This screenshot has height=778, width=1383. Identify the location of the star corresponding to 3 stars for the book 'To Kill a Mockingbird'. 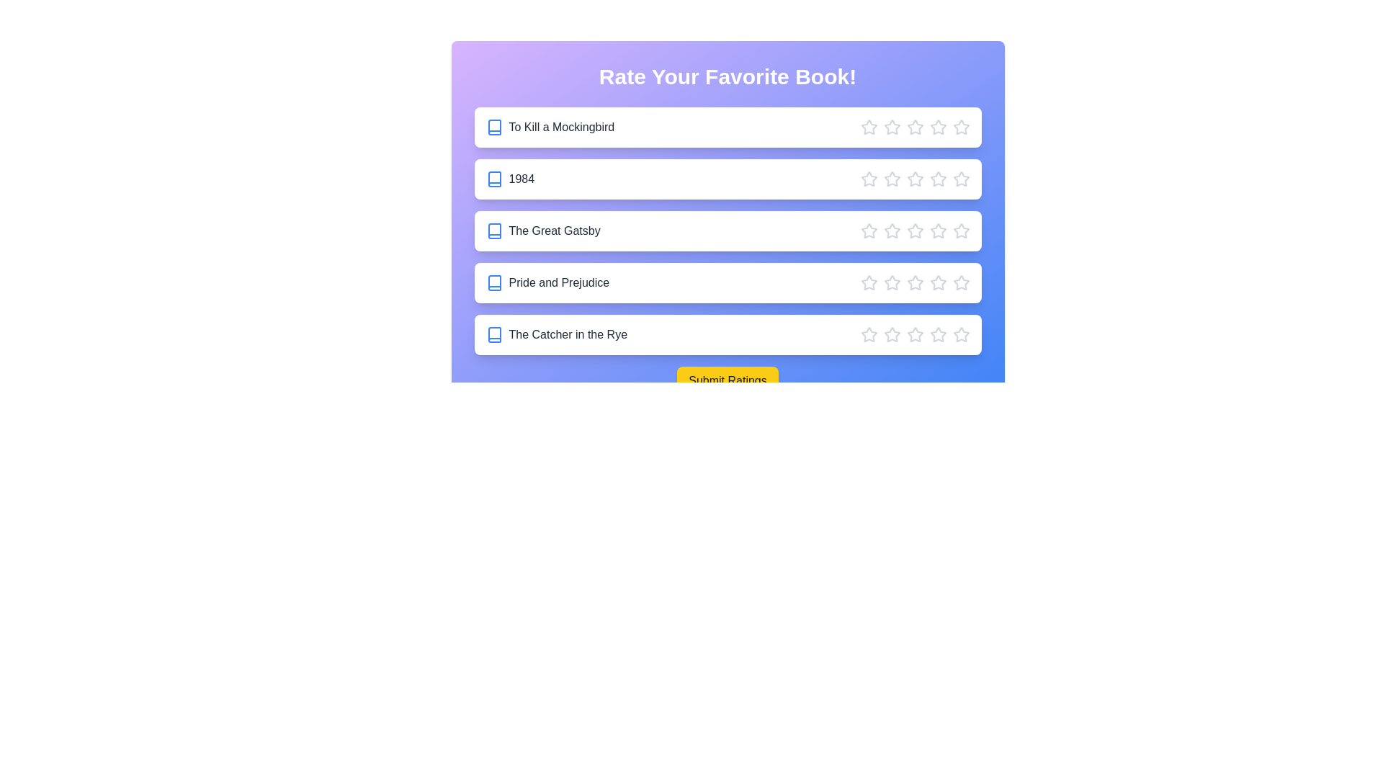
(914, 127).